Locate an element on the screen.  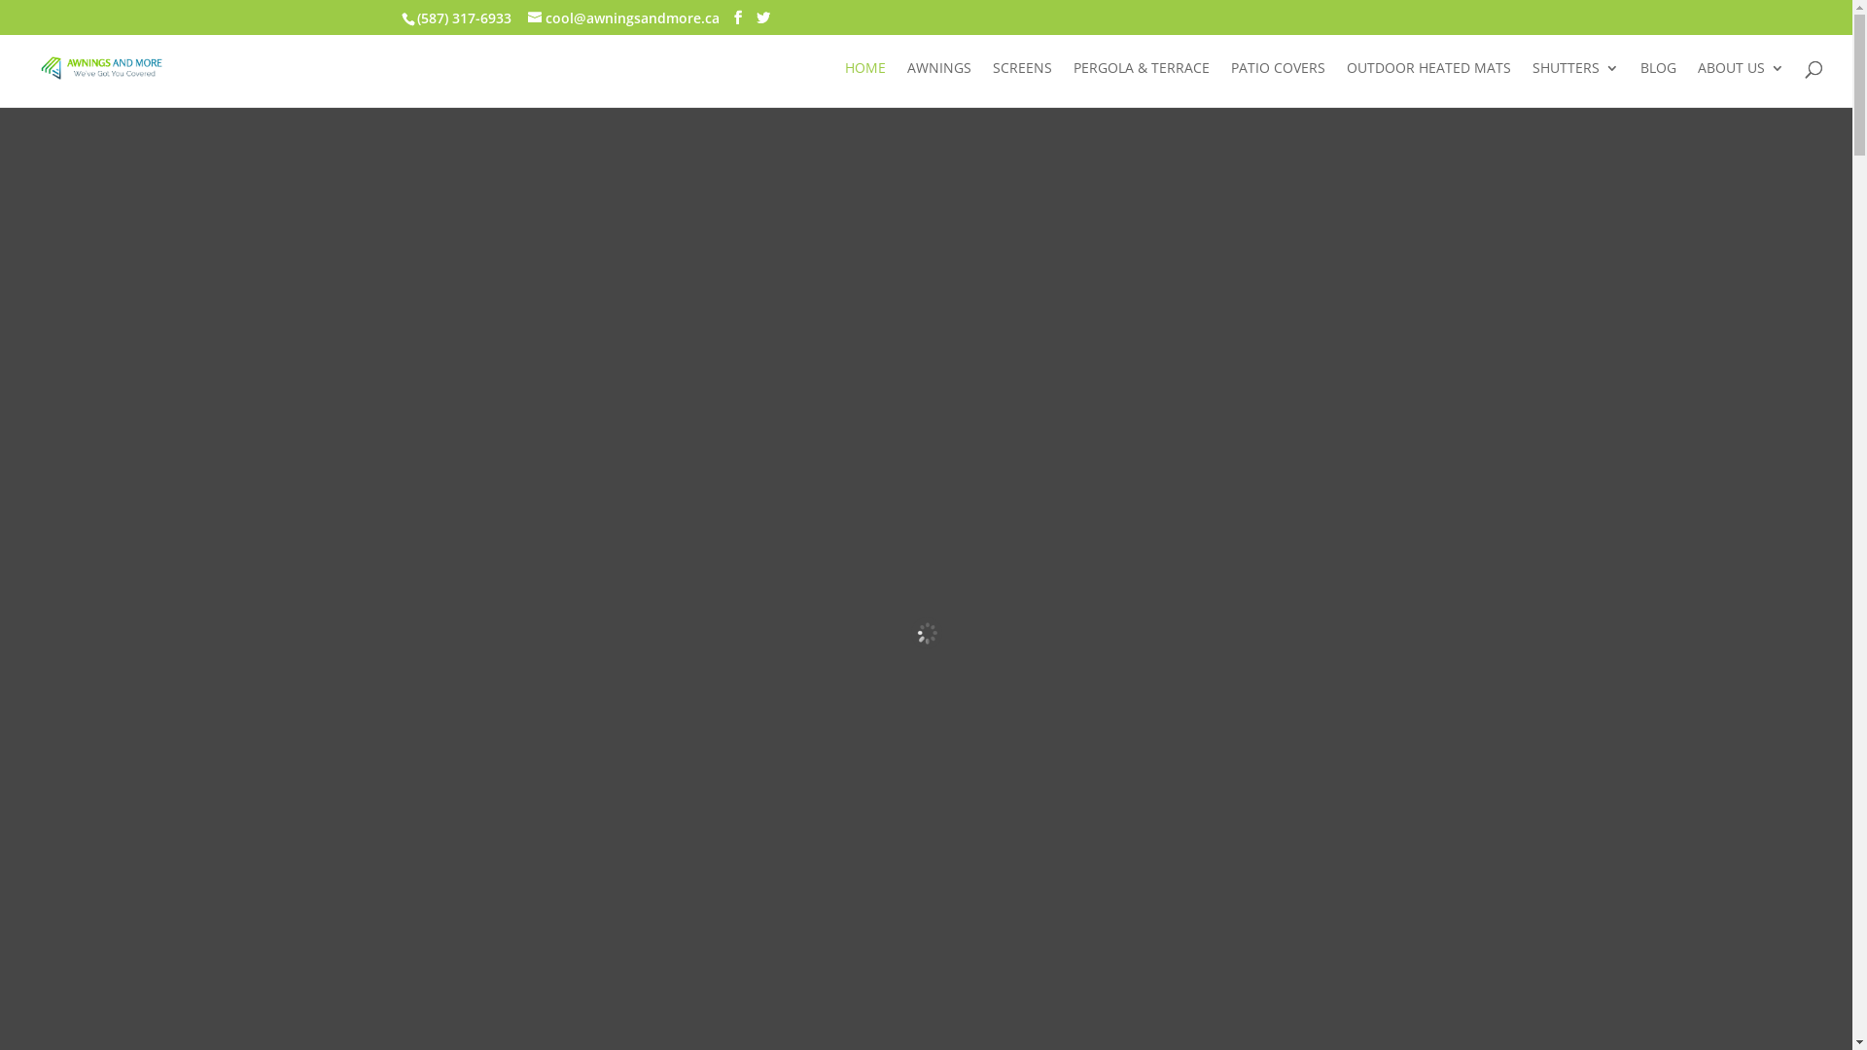
'PATIO COVERS' is located at coordinates (1278, 83).